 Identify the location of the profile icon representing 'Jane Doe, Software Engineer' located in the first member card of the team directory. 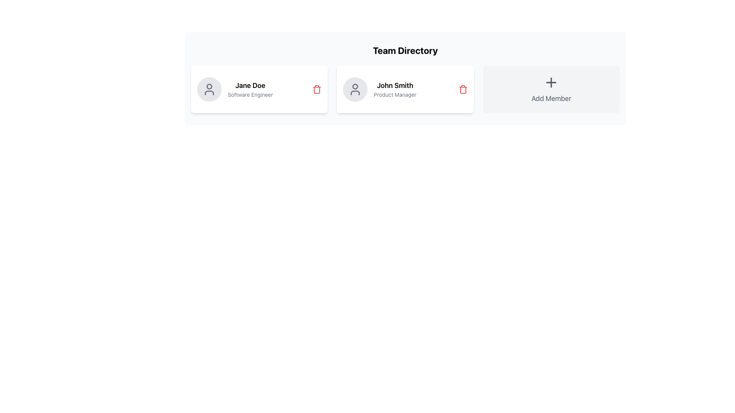
(209, 89).